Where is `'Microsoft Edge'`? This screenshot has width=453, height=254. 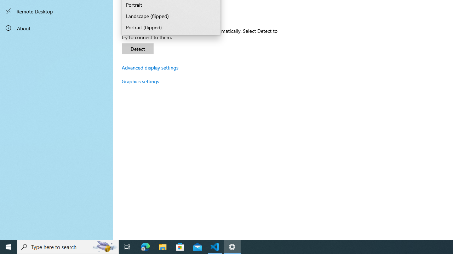
'Microsoft Edge' is located at coordinates (145, 246).